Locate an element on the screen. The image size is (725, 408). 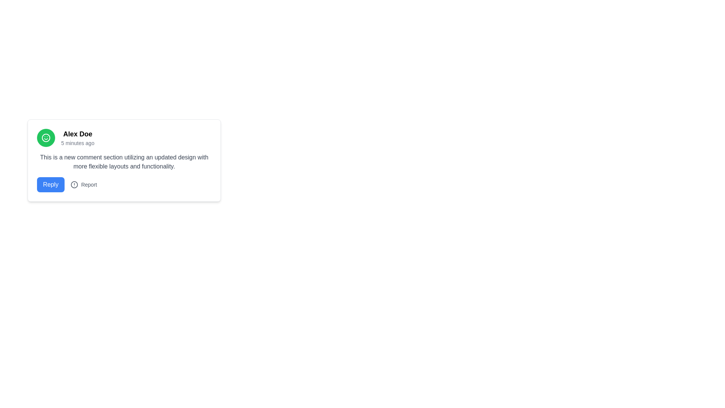
the text element displaying 'Alex Doe', which is bold and located at the top of the comment box, next to the avatar icon is located at coordinates (78, 133).